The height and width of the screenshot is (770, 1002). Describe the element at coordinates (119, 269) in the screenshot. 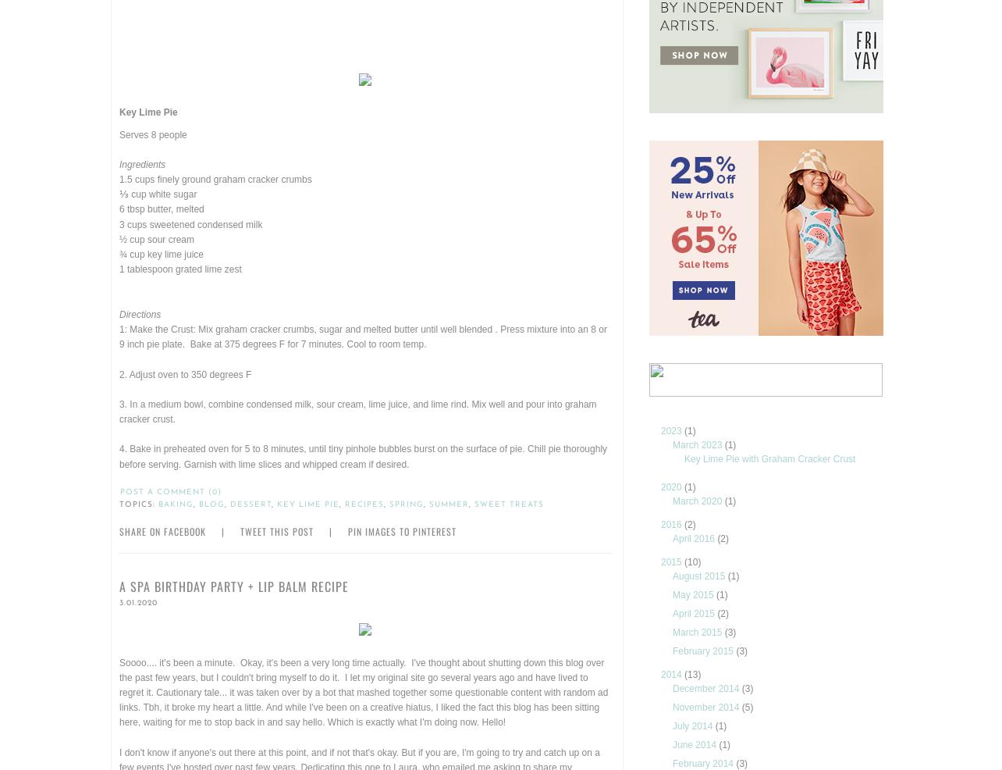

I see `'1 tablespoon grated lime zest'` at that location.